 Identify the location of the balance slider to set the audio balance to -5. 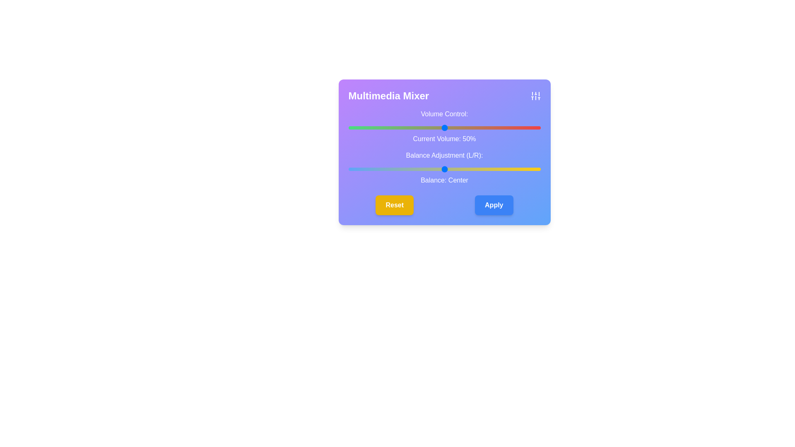
(434, 168).